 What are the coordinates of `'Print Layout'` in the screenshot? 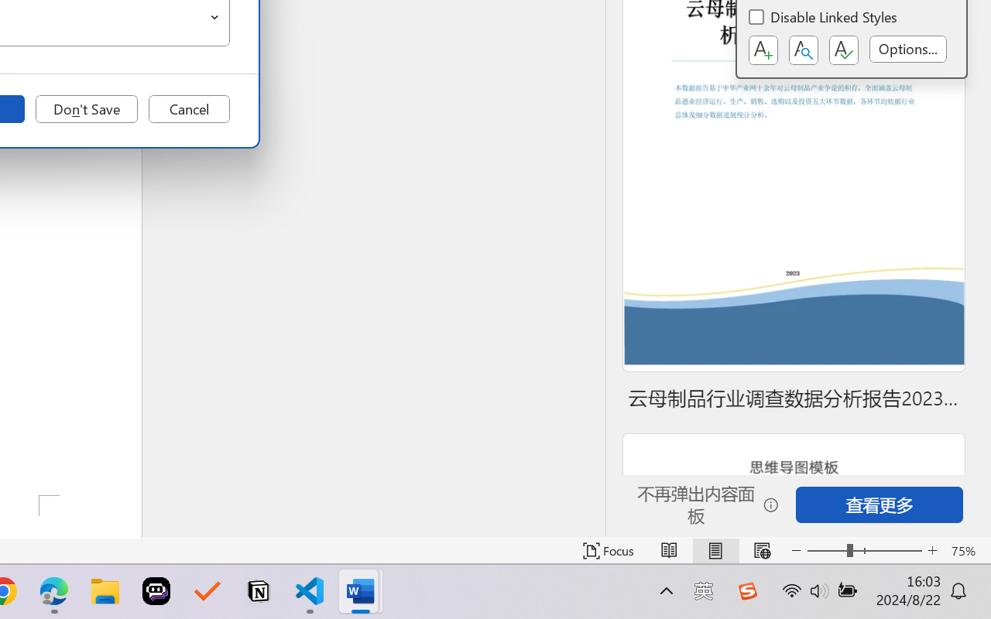 It's located at (715, 550).